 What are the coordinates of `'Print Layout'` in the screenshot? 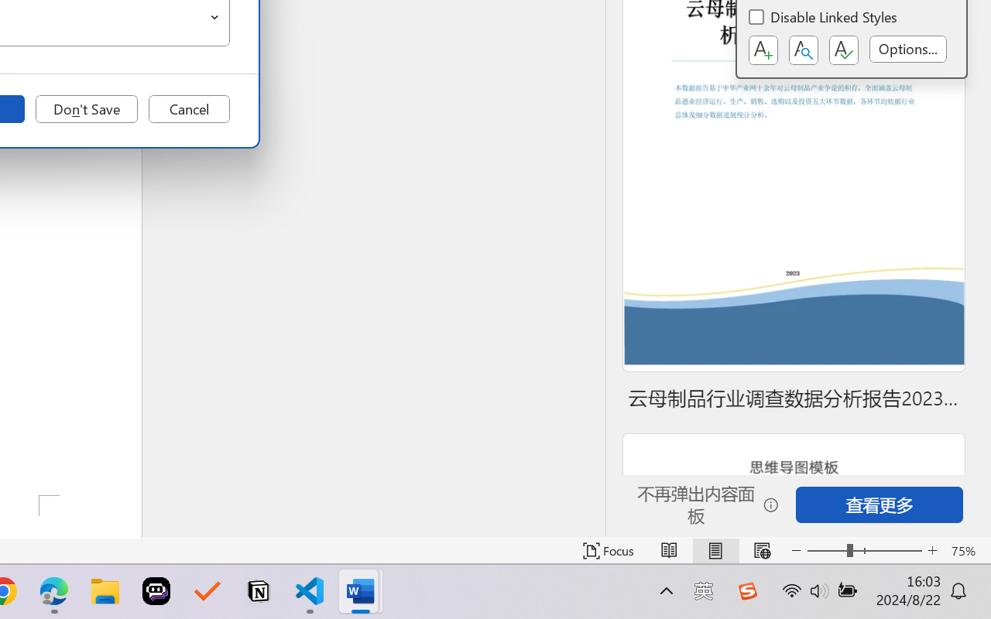 It's located at (715, 550).